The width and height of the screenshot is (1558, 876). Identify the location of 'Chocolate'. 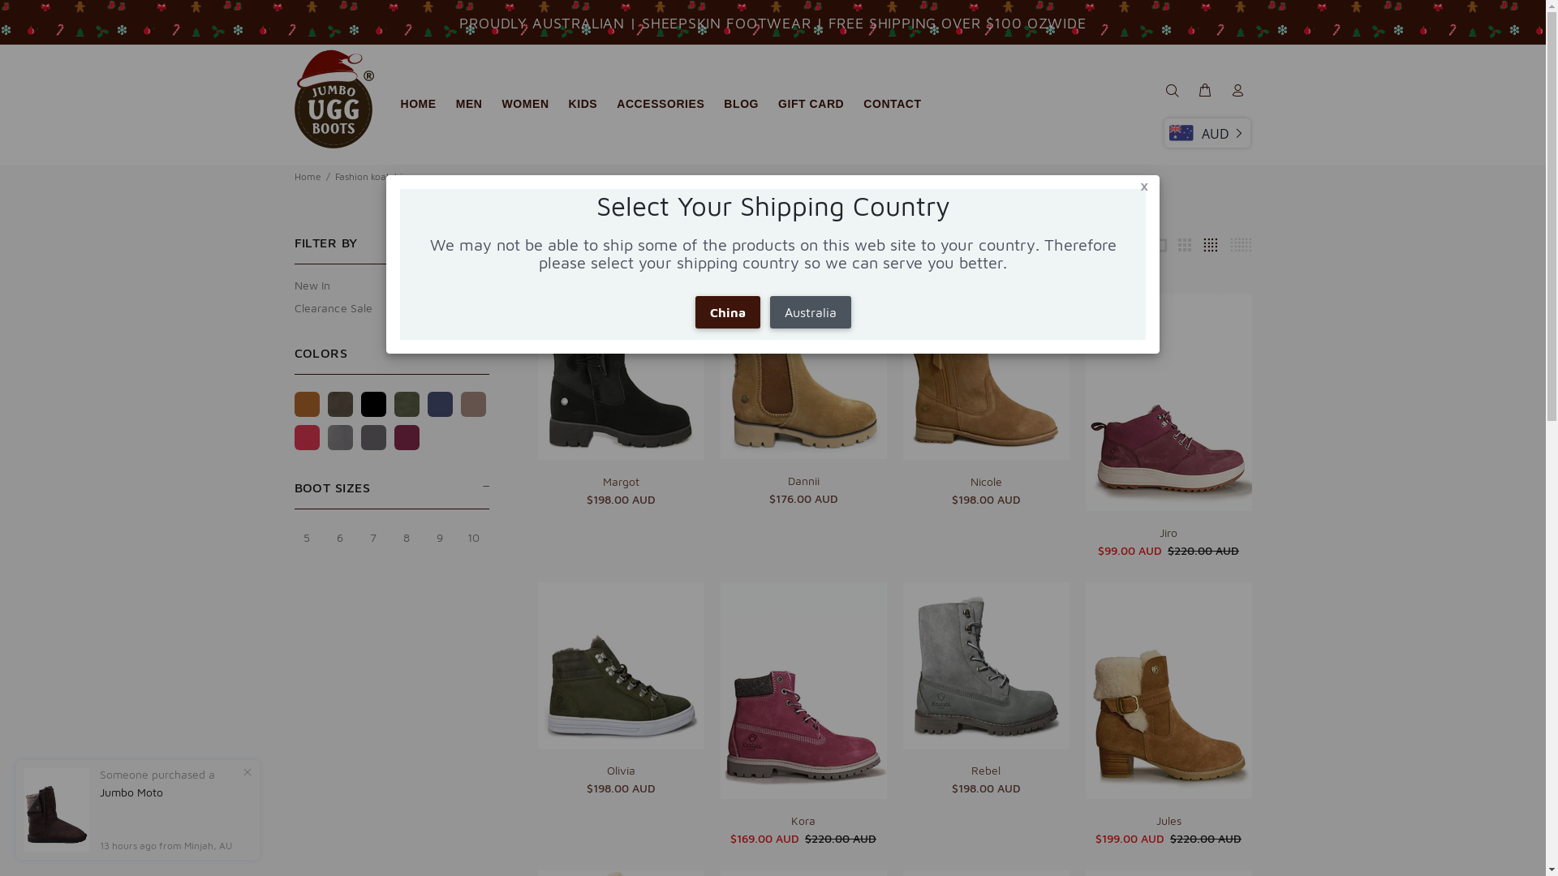
(326, 402).